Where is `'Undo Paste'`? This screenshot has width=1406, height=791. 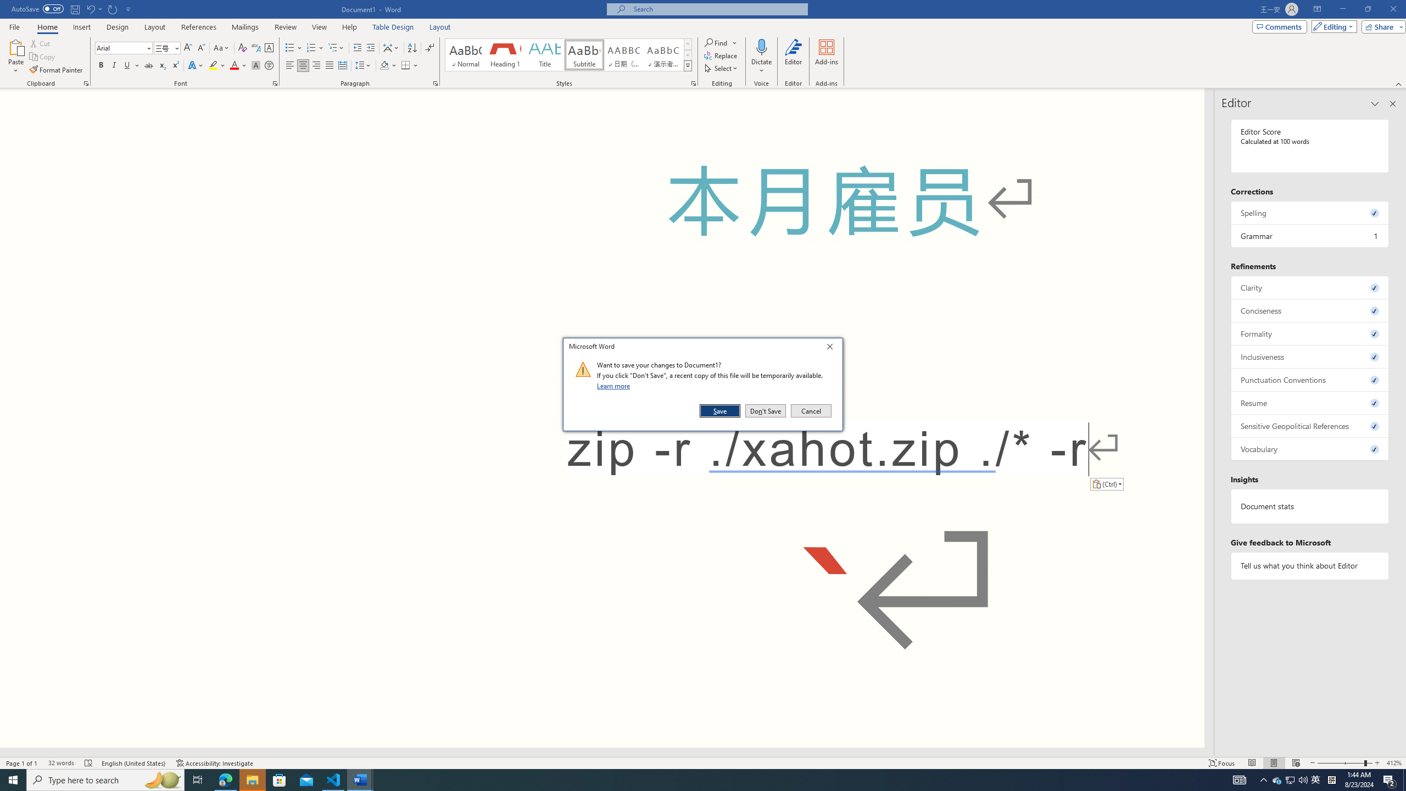
'Undo Paste' is located at coordinates (93, 8).